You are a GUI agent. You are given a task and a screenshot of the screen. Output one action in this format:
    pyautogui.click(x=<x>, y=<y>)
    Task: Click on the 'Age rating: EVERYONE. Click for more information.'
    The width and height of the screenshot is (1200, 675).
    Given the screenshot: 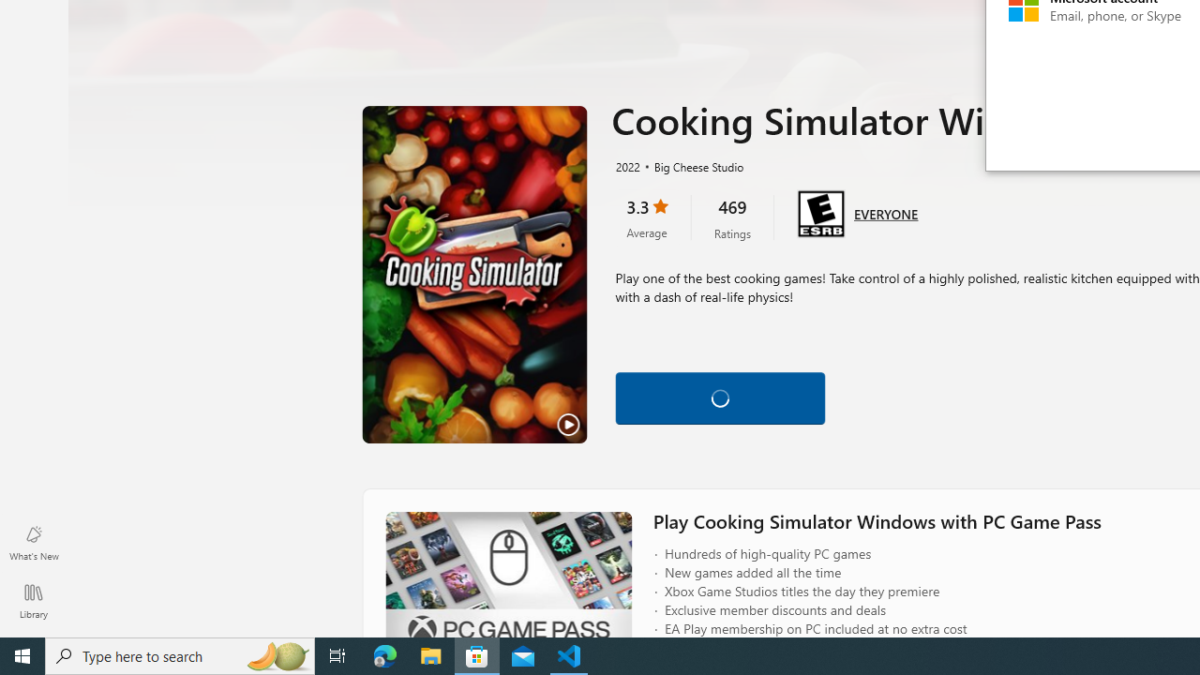 What is the action you would take?
    pyautogui.click(x=885, y=211)
    